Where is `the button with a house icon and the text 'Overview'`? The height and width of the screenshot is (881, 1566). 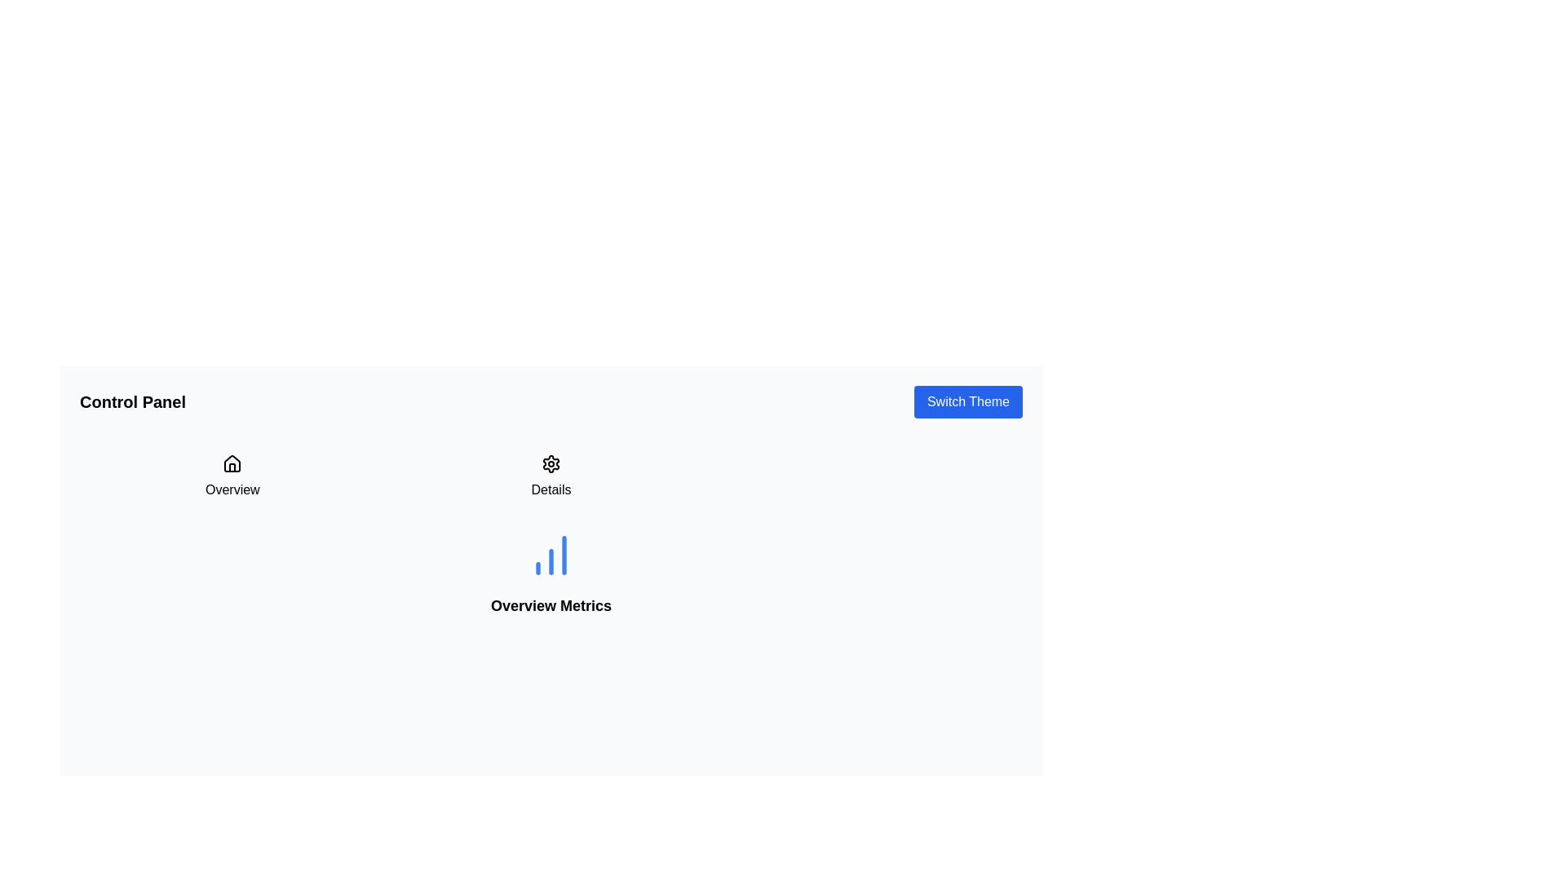 the button with a house icon and the text 'Overview' is located at coordinates (232, 477).